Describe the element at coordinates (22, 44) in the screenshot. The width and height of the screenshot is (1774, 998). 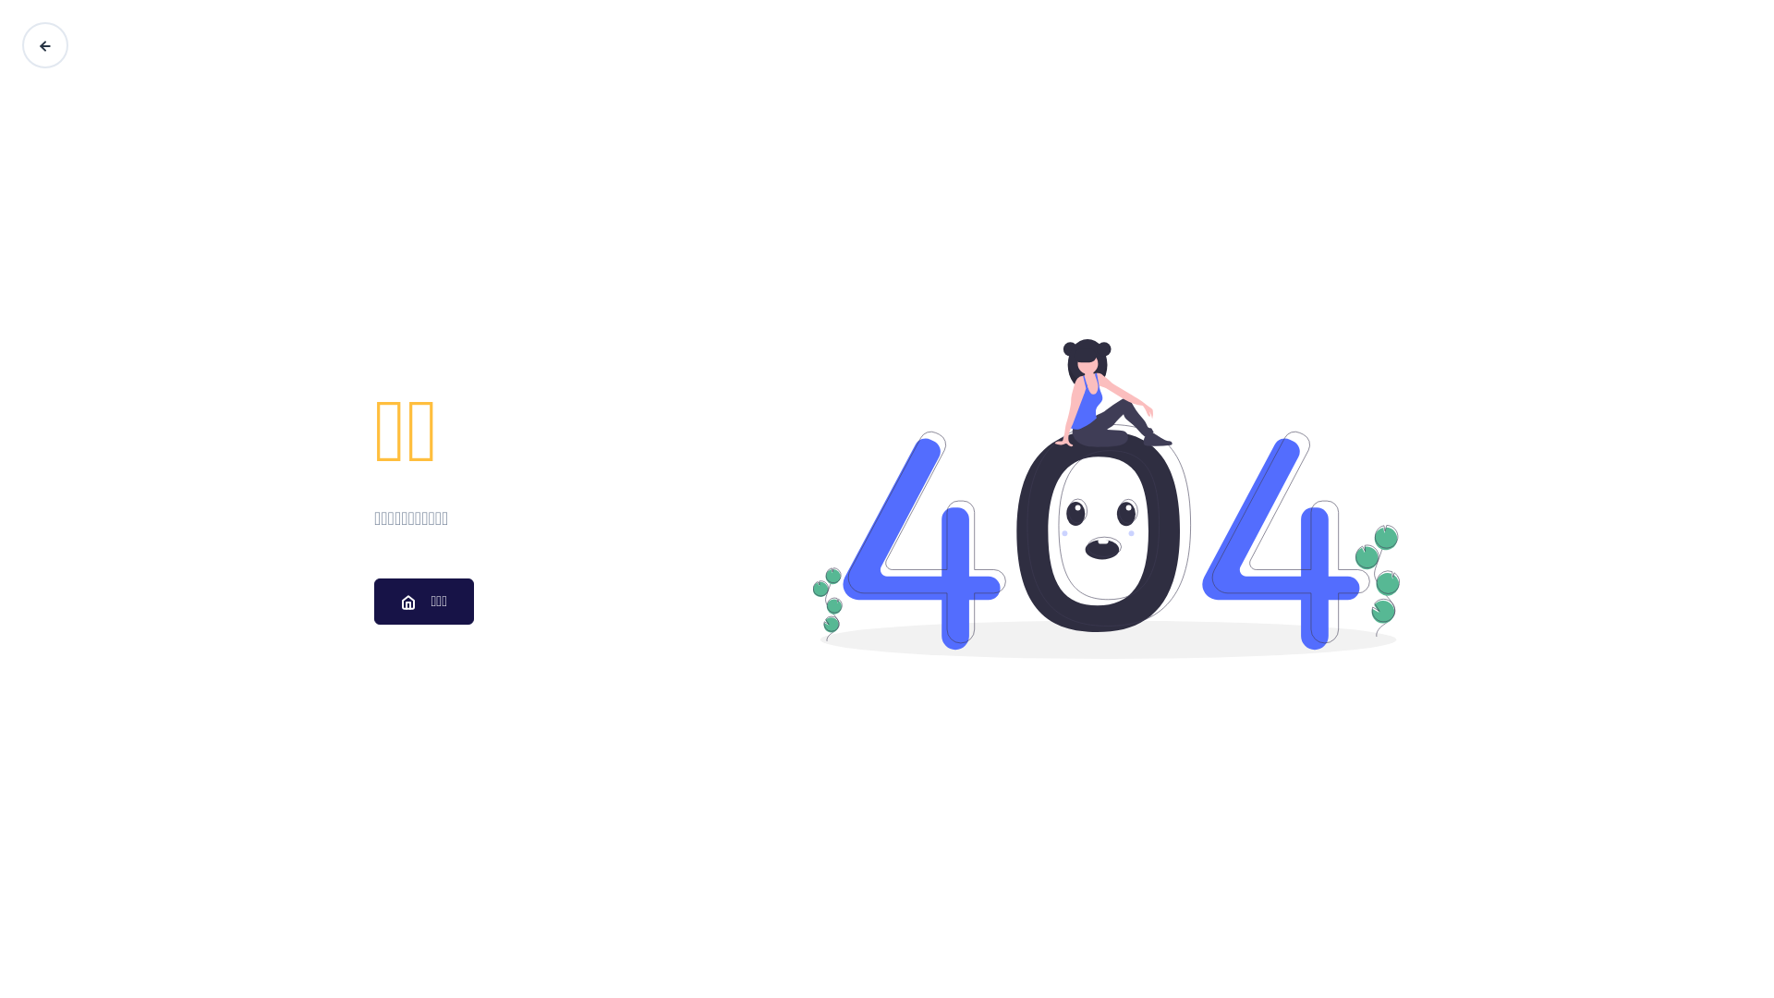
I see `'Go back'` at that location.